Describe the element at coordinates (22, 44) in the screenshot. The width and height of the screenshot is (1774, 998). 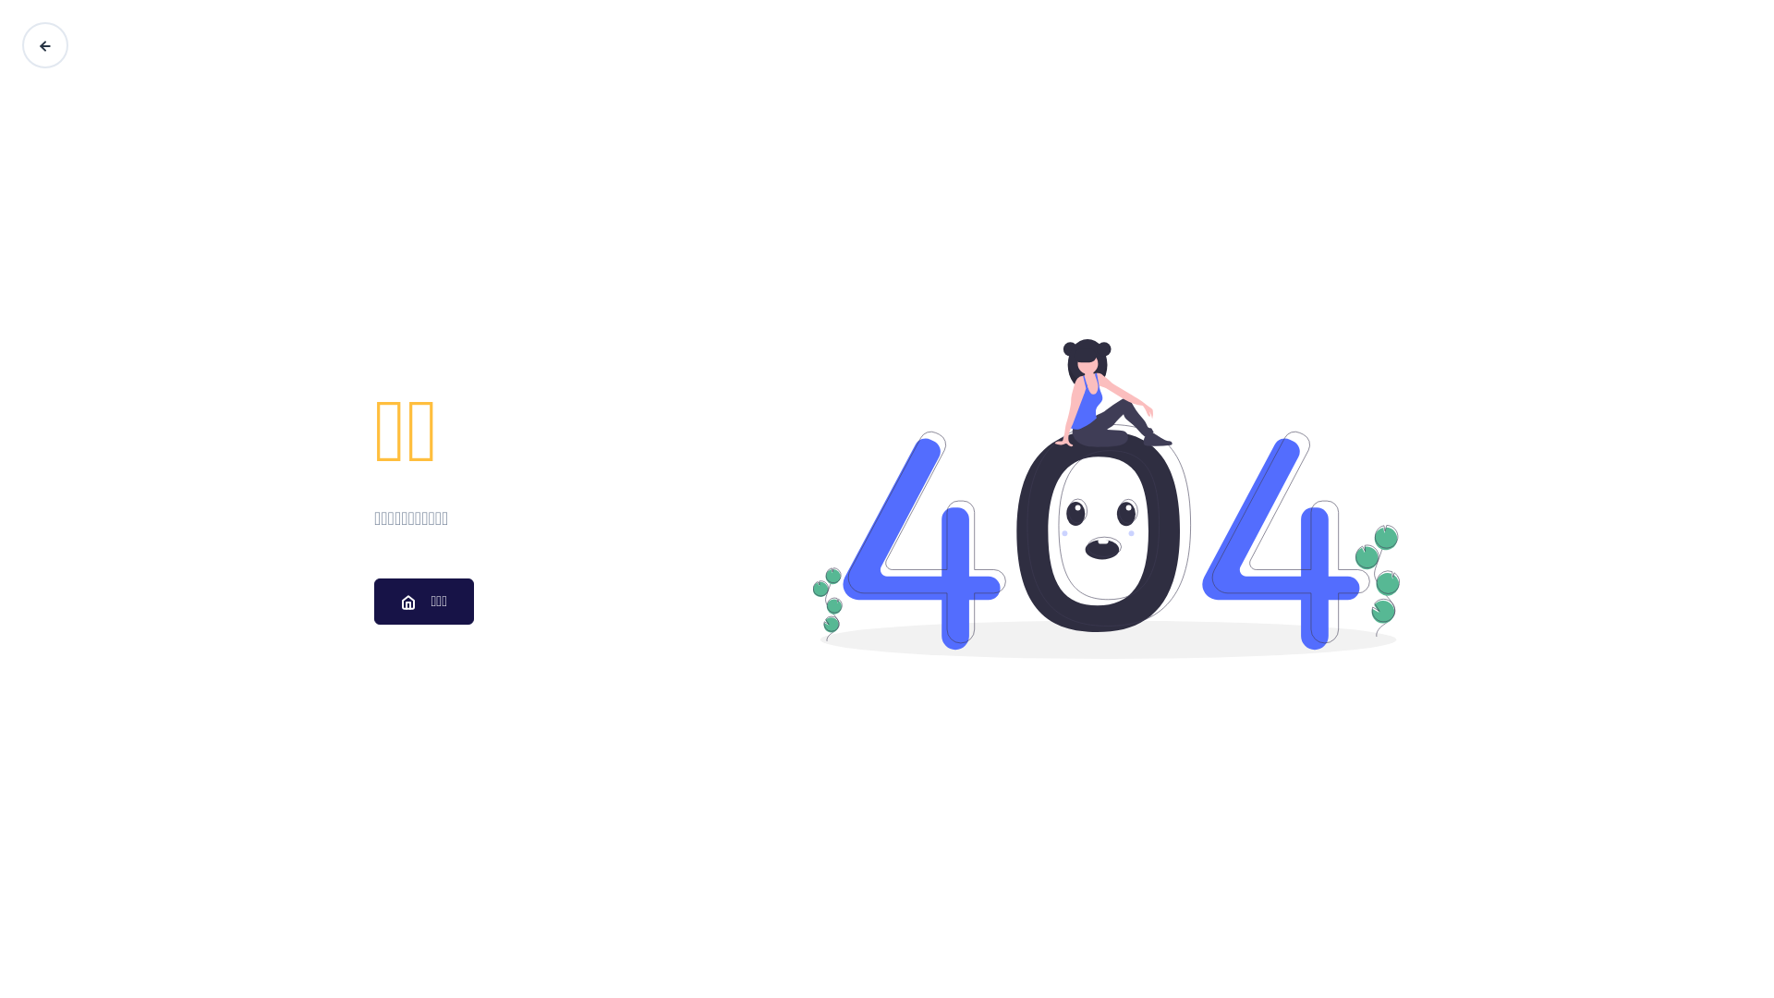
I see `'Go back'` at that location.